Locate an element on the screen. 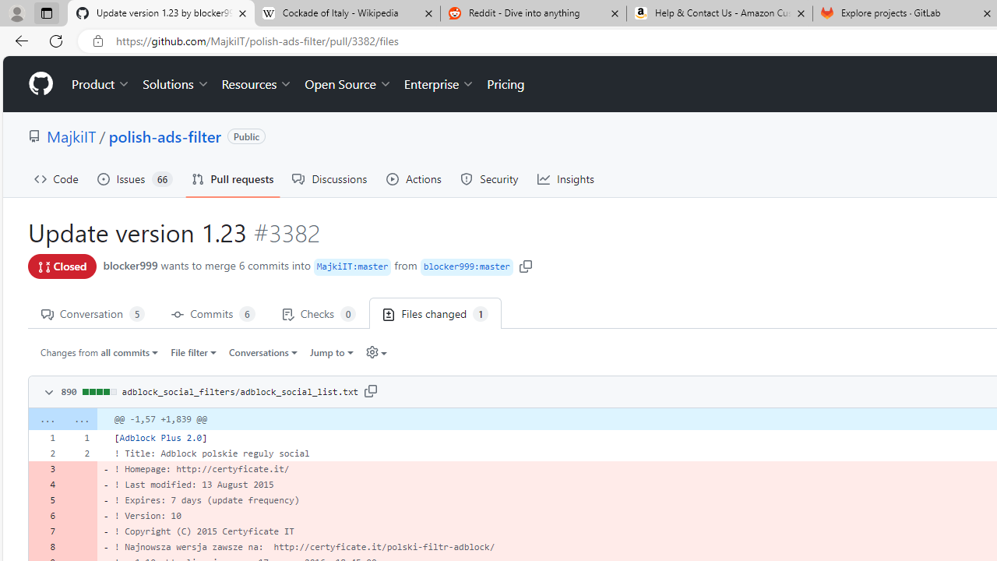 This screenshot has height=561, width=997. 'Pricing' is located at coordinates (506, 84).